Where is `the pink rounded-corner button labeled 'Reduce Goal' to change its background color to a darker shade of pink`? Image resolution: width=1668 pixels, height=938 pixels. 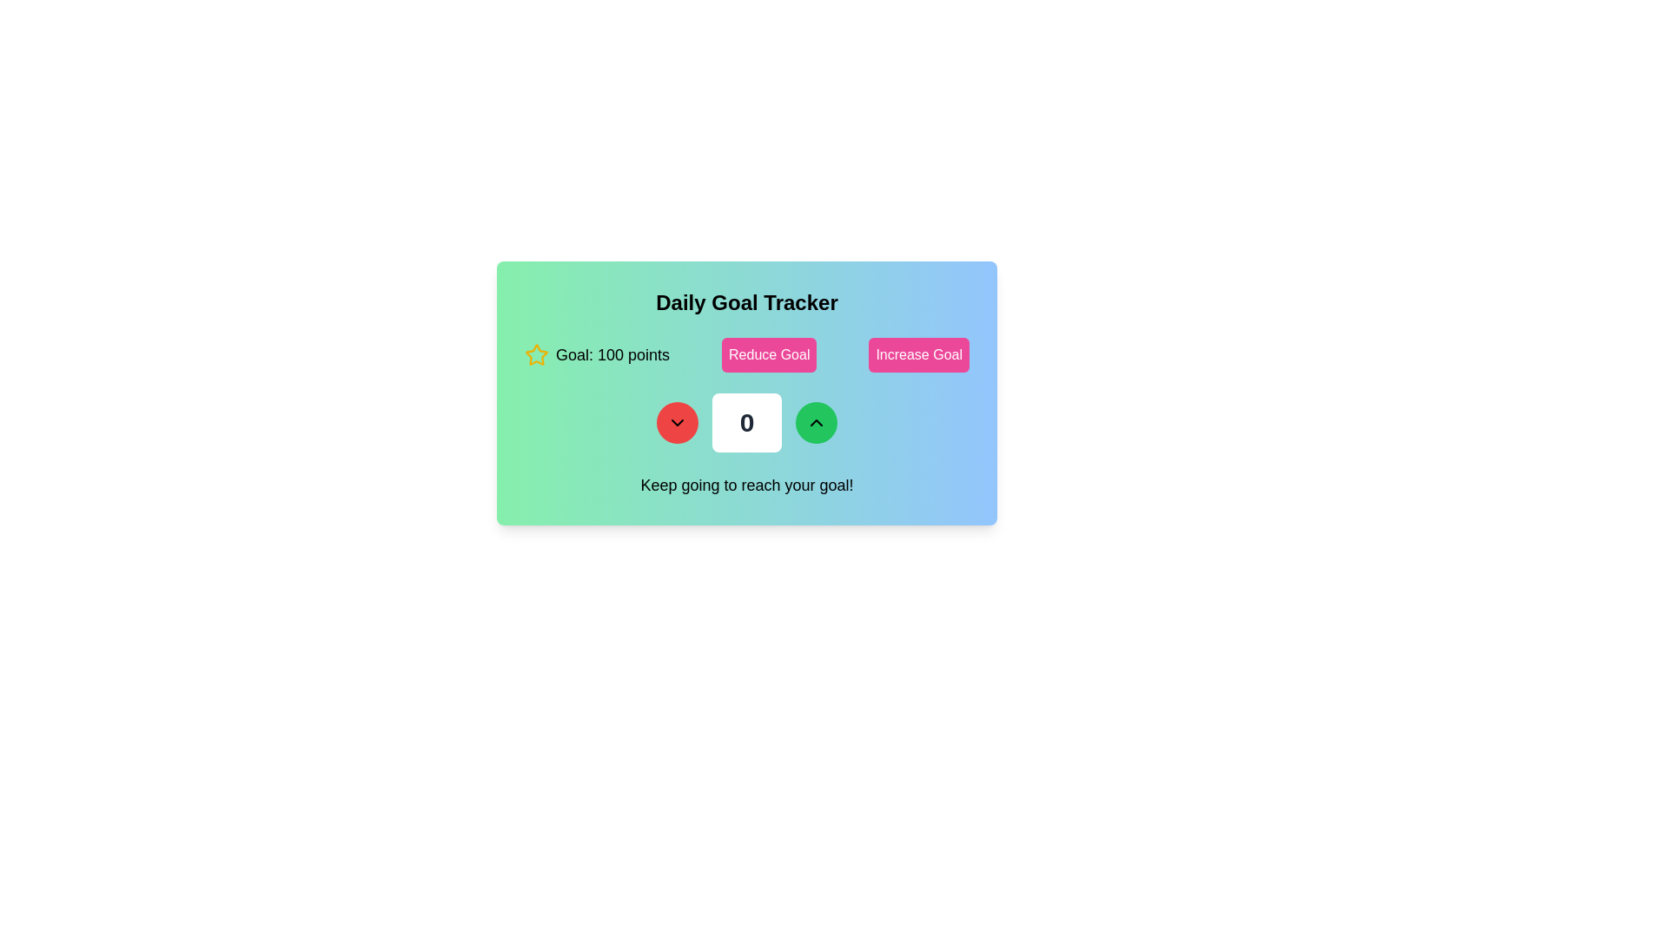 the pink rounded-corner button labeled 'Reduce Goal' to change its background color to a darker shade of pink is located at coordinates (768, 353).